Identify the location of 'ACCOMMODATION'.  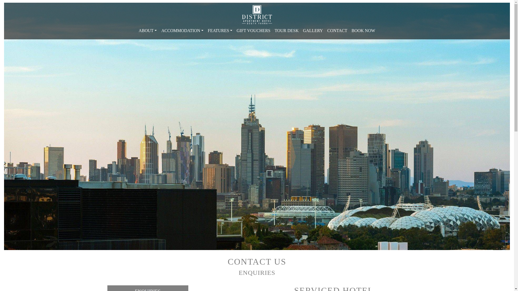
(182, 31).